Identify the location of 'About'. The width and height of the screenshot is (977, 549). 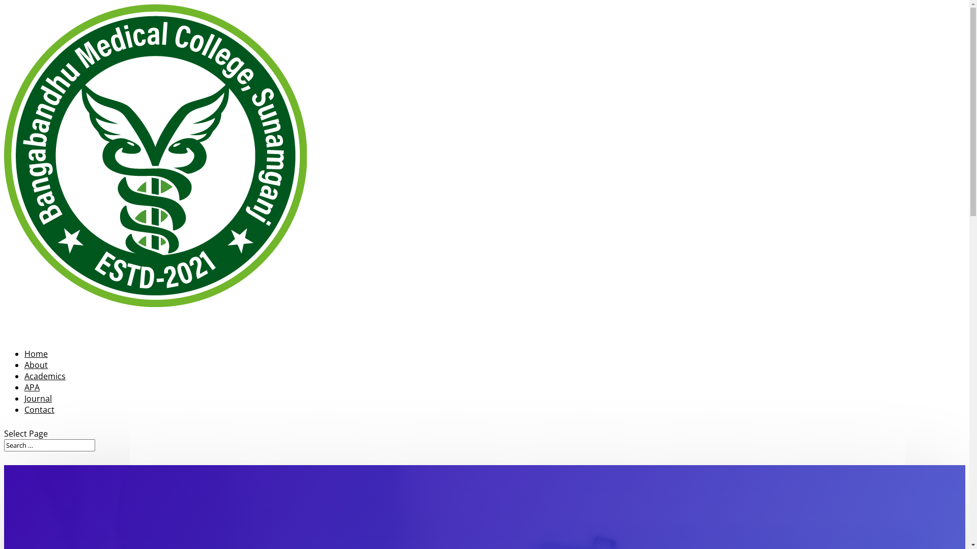
(36, 380).